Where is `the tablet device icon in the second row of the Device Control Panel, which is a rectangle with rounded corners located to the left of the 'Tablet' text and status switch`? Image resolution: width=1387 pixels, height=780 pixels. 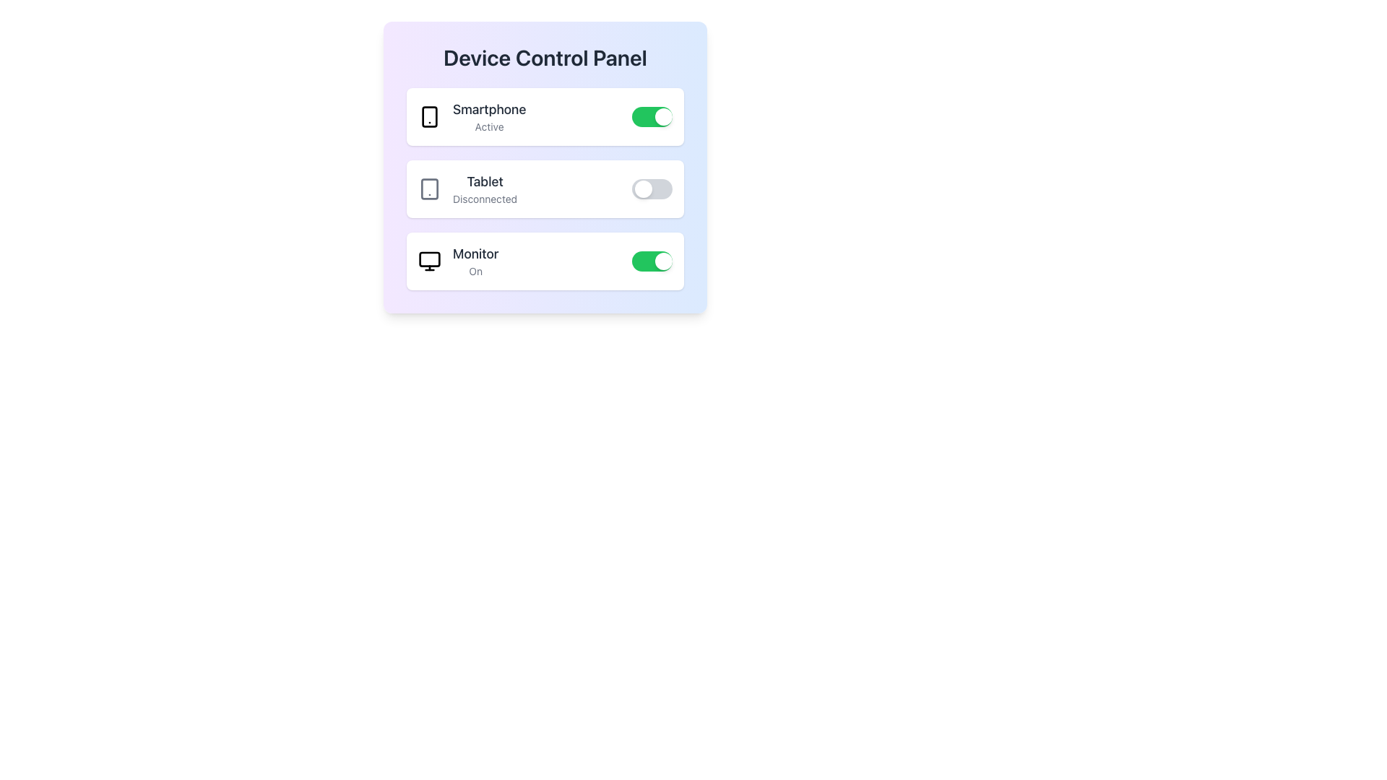
the tablet device icon in the second row of the Device Control Panel, which is a rectangle with rounded corners located to the left of the 'Tablet' text and status switch is located at coordinates (429, 188).